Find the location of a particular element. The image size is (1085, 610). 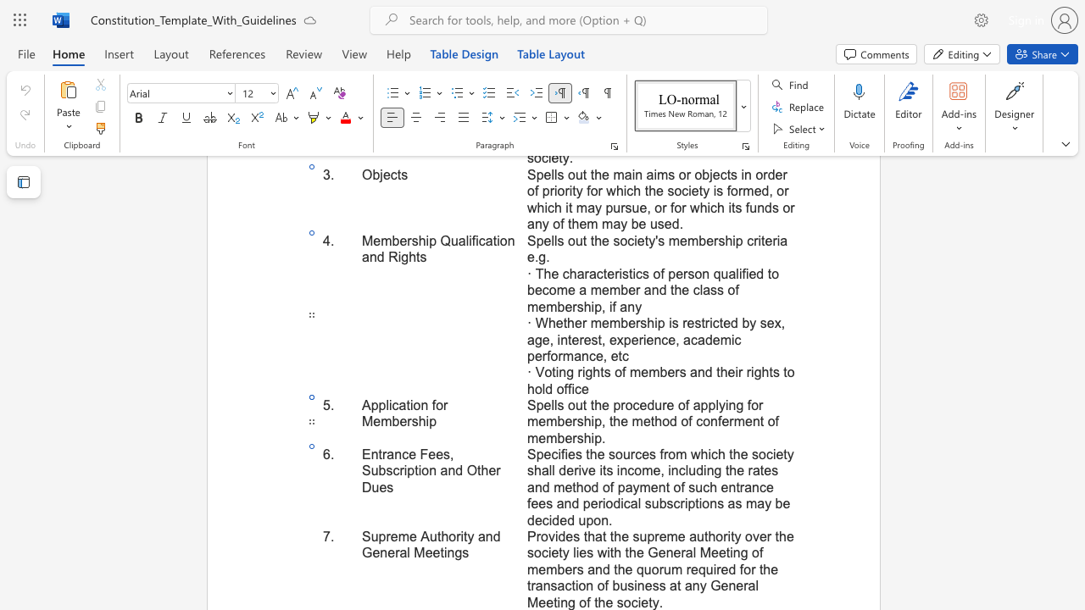

the 2th character "c" in the text is located at coordinates (568, 585).